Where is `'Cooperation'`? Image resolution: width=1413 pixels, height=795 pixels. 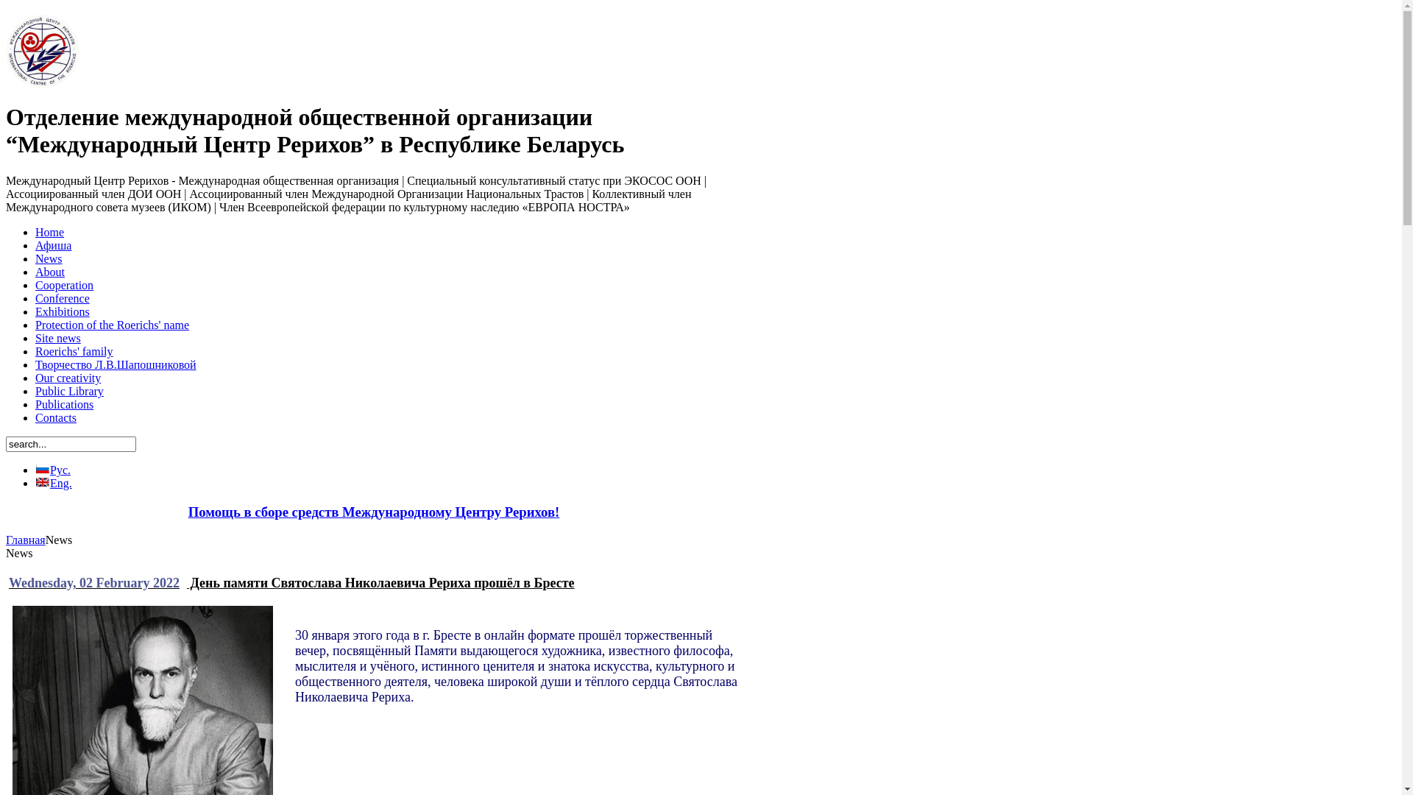
'Cooperation' is located at coordinates (63, 285).